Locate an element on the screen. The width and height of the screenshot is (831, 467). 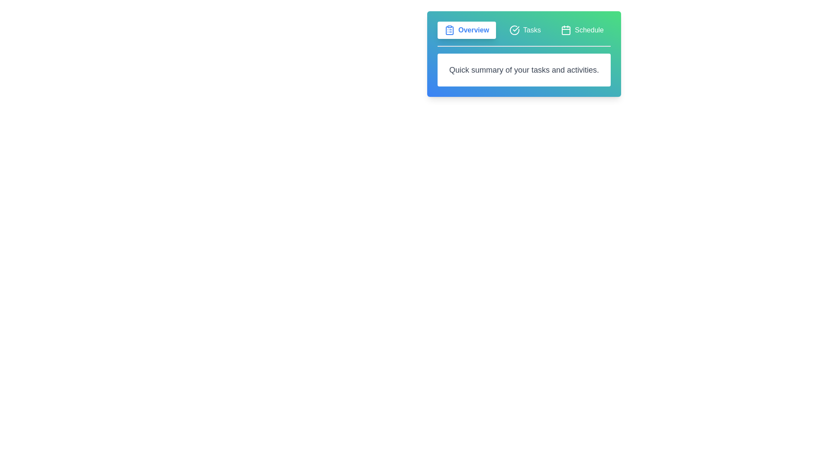
the tab labeled Overview is located at coordinates (466, 29).